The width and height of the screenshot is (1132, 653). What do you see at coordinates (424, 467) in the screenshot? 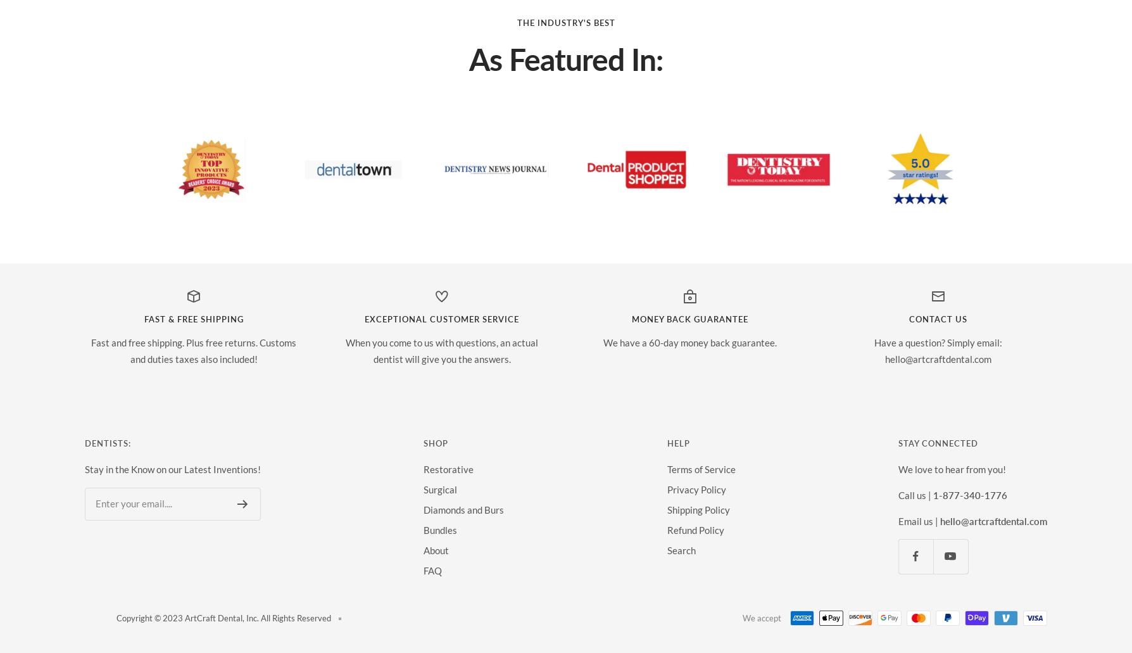
I see `'Restorative'` at bounding box center [424, 467].